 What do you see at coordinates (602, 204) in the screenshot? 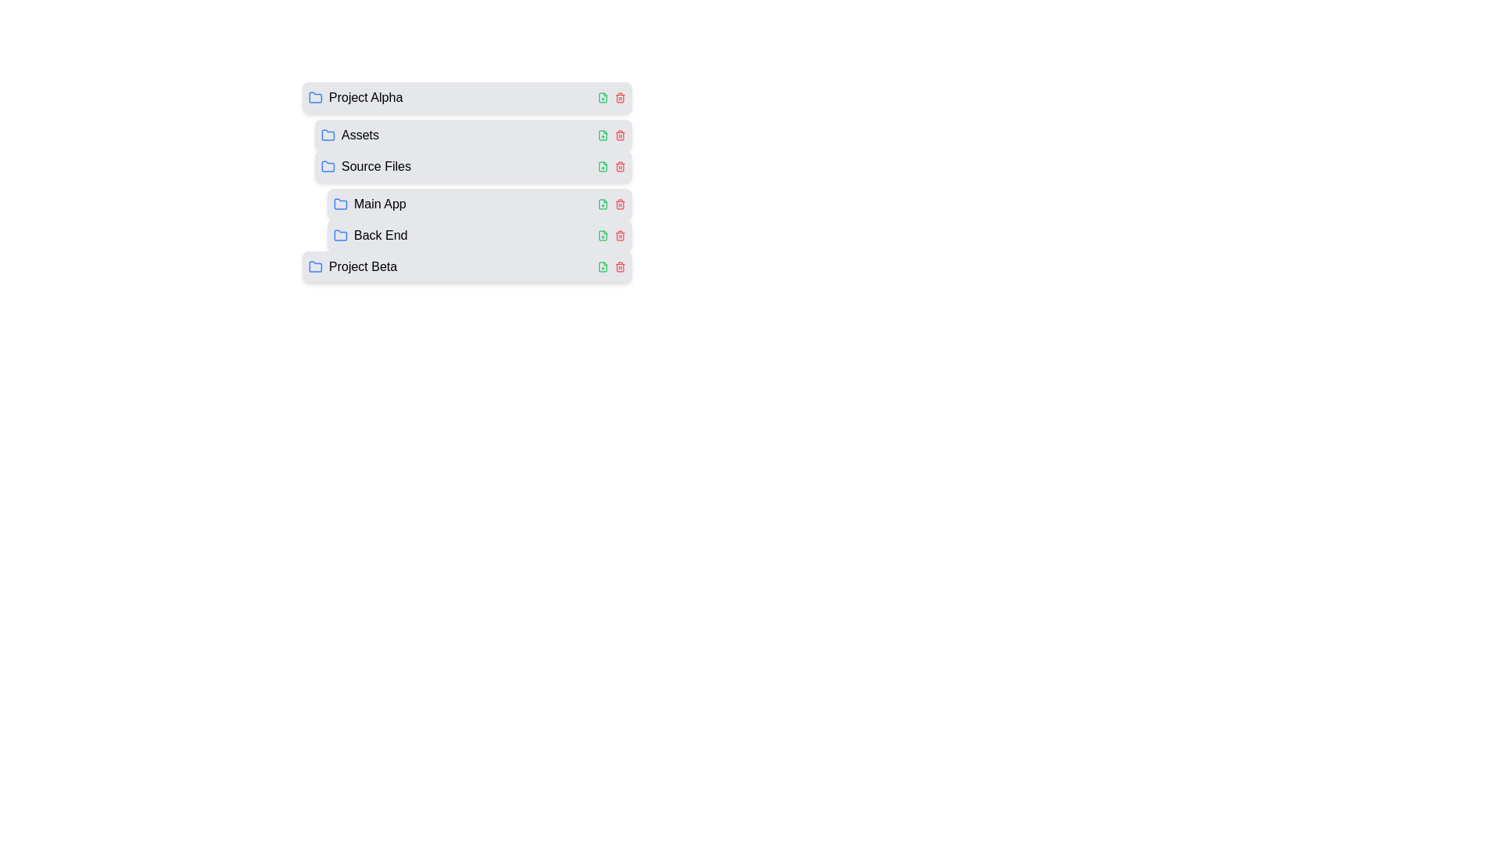
I see `the button next to the 'Main App' label` at bounding box center [602, 204].